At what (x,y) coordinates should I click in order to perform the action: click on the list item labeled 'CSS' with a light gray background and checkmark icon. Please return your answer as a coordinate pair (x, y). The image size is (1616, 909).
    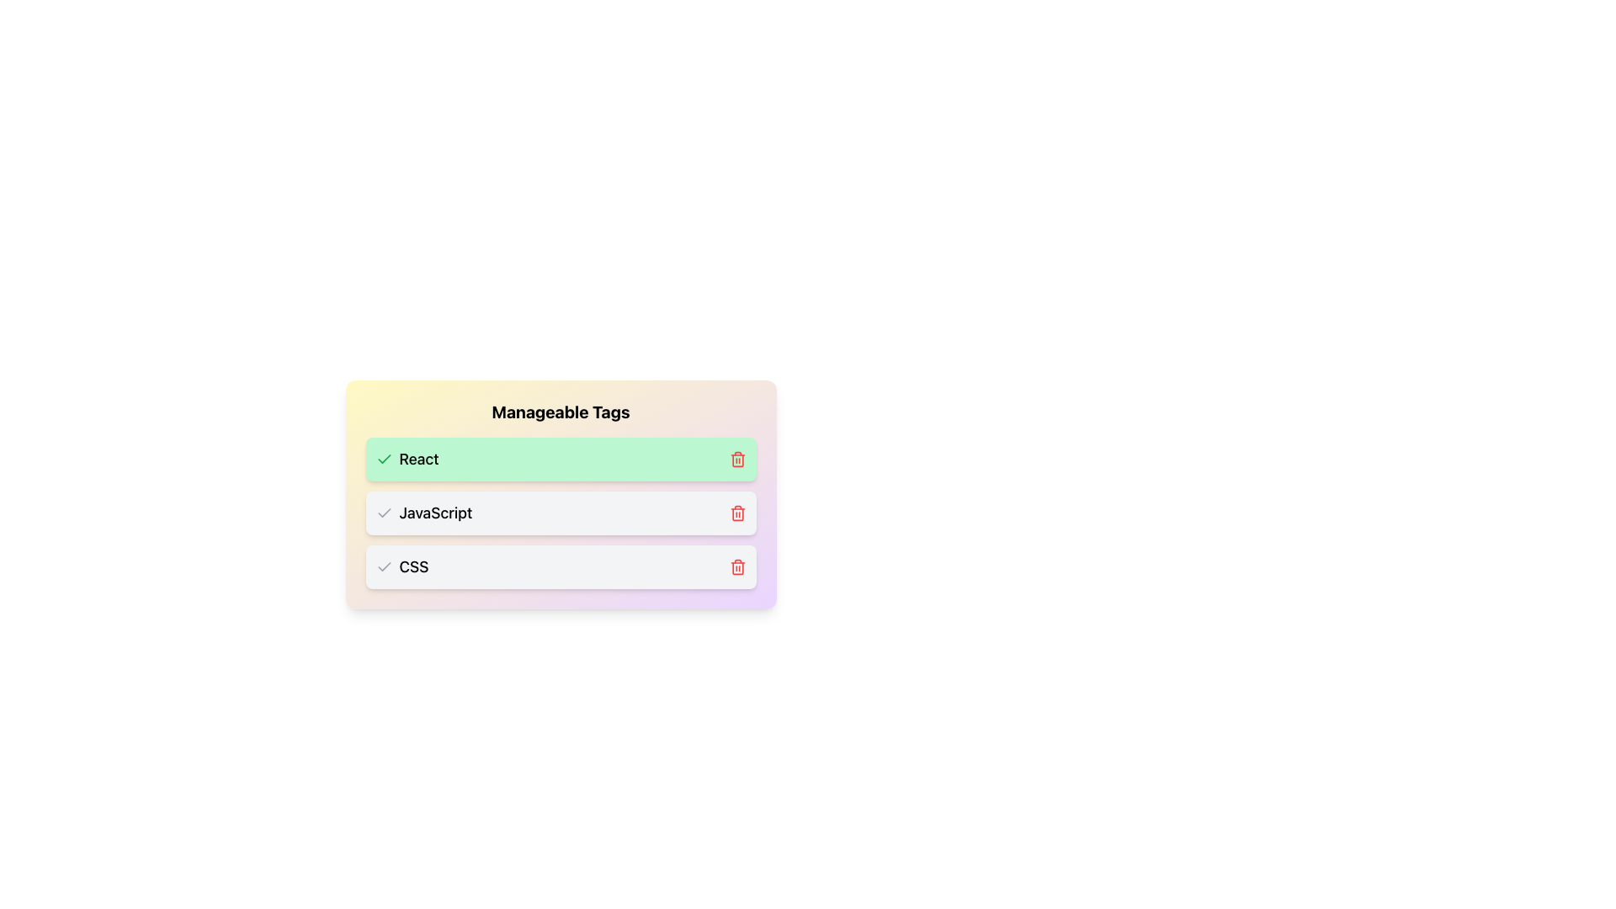
    Looking at the image, I should click on (561, 567).